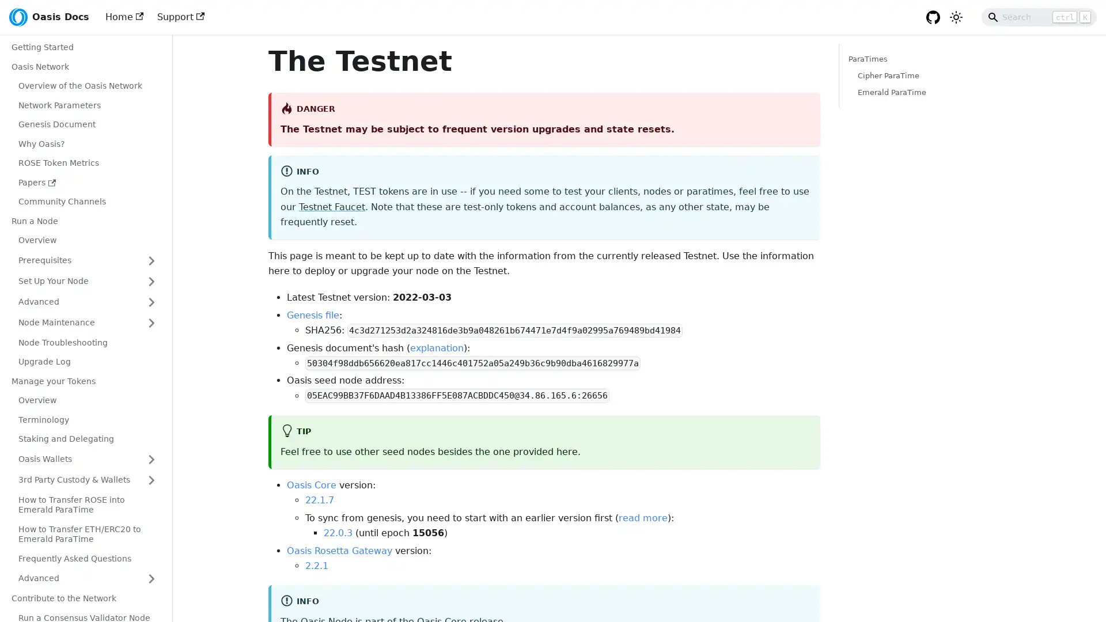  What do you see at coordinates (151, 322) in the screenshot?
I see `Toggle the collapsible sidebar category 'Node Maintenance'` at bounding box center [151, 322].